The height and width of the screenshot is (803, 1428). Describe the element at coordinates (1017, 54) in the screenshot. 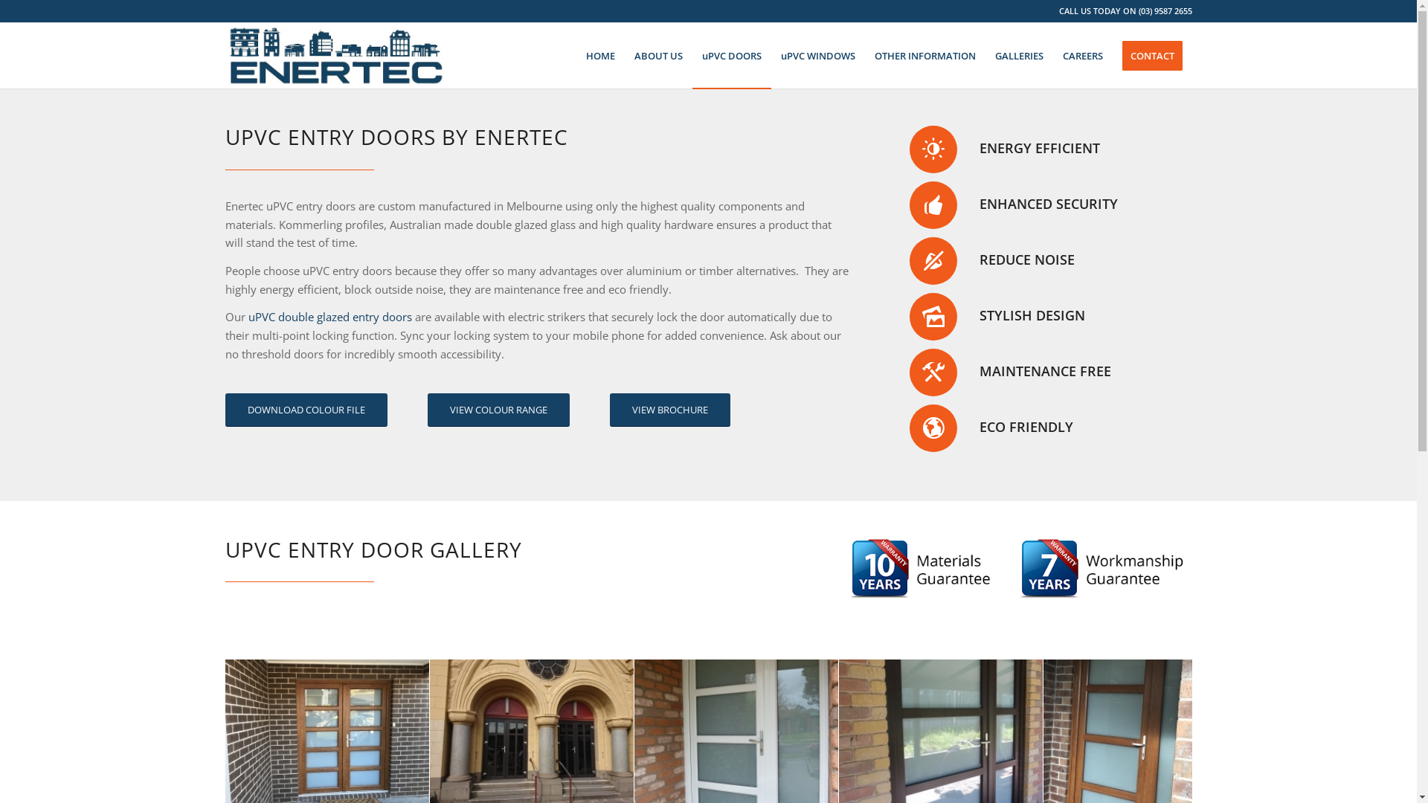

I see `'GALLERIES'` at that location.